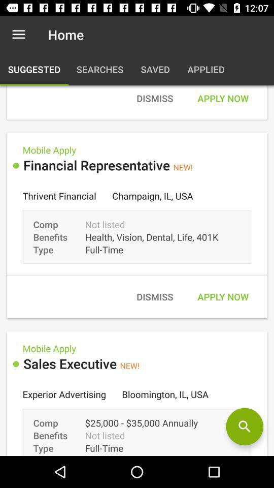 This screenshot has height=488, width=274. I want to click on search jobs, so click(244, 426).